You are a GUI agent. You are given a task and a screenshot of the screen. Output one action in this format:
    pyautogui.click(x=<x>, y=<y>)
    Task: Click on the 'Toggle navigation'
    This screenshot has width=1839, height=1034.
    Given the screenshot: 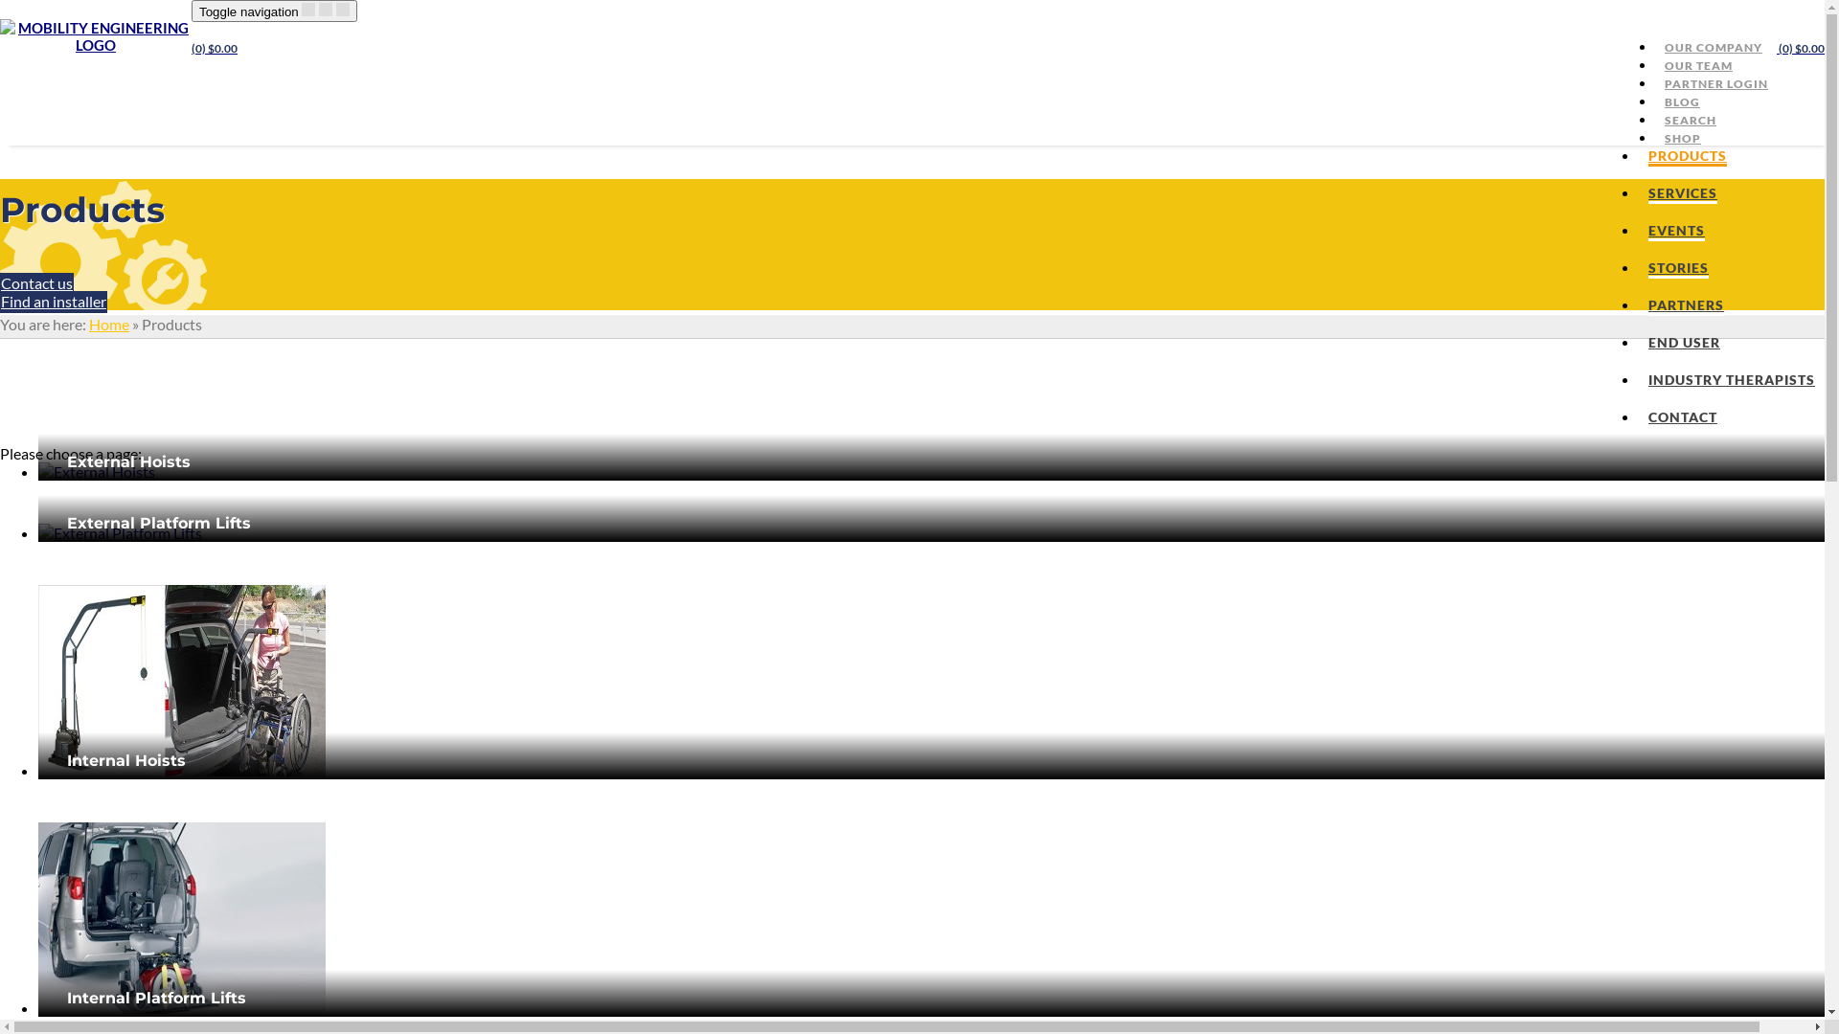 What is the action you would take?
    pyautogui.click(x=273, y=11)
    